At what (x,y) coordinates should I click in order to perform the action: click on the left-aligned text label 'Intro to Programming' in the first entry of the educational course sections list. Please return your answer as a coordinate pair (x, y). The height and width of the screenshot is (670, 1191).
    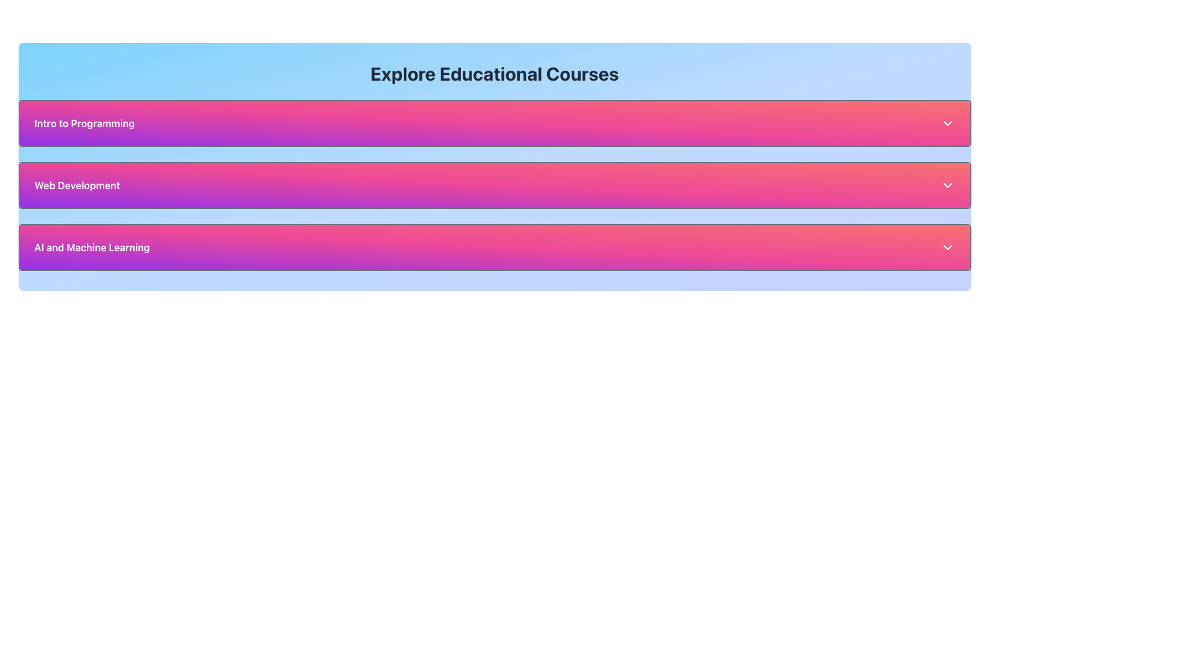
    Looking at the image, I should click on (84, 123).